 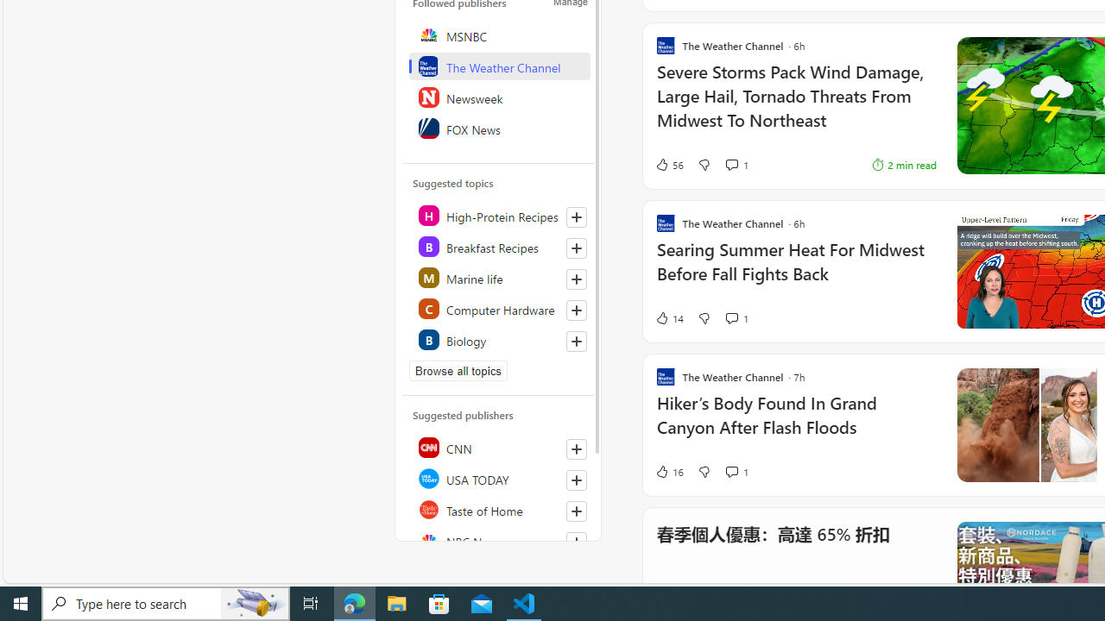 What do you see at coordinates (498, 66) in the screenshot?
I see `'The Weather Channel'` at bounding box center [498, 66].